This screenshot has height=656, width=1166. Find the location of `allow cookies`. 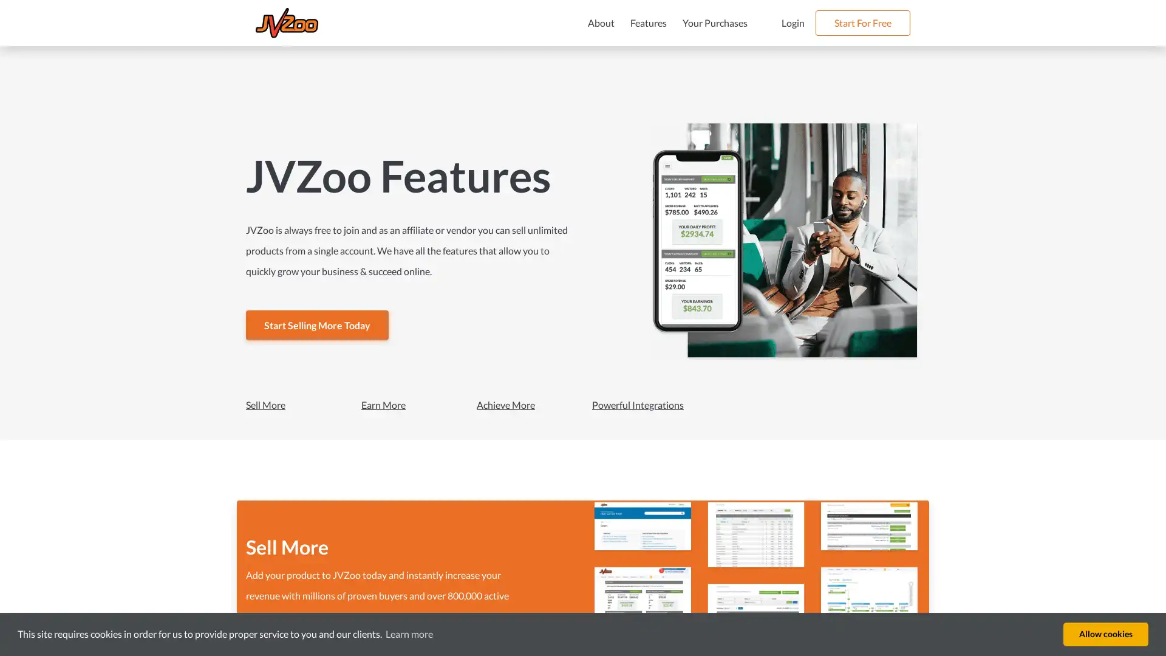

allow cookies is located at coordinates (1105, 634).